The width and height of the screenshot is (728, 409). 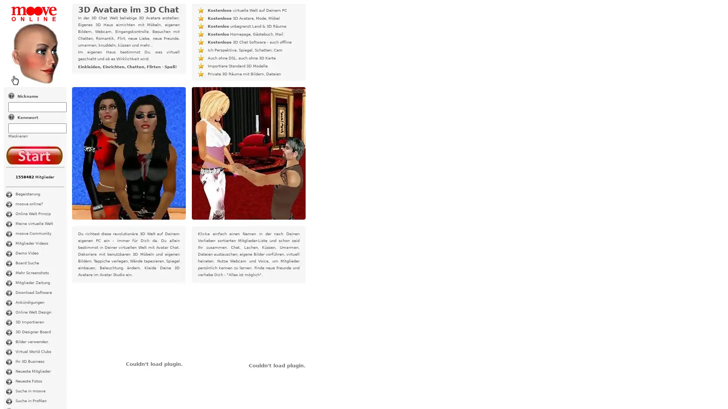 What do you see at coordinates (34, 155) in the screenshot?
I see `Gratis anmelden` at bounding box center [34, 155].